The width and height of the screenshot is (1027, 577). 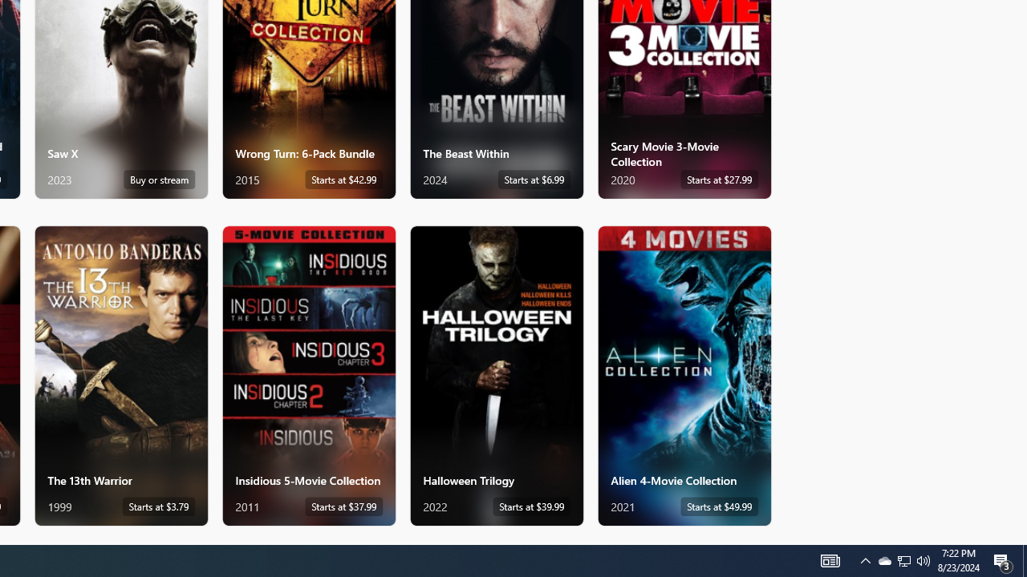 What do you see at coordinates (684, 375) in the screenshot?
I see `'Alien 4-Movie Collection. Starts at $49.99  '` at bounding box center [684, 375].